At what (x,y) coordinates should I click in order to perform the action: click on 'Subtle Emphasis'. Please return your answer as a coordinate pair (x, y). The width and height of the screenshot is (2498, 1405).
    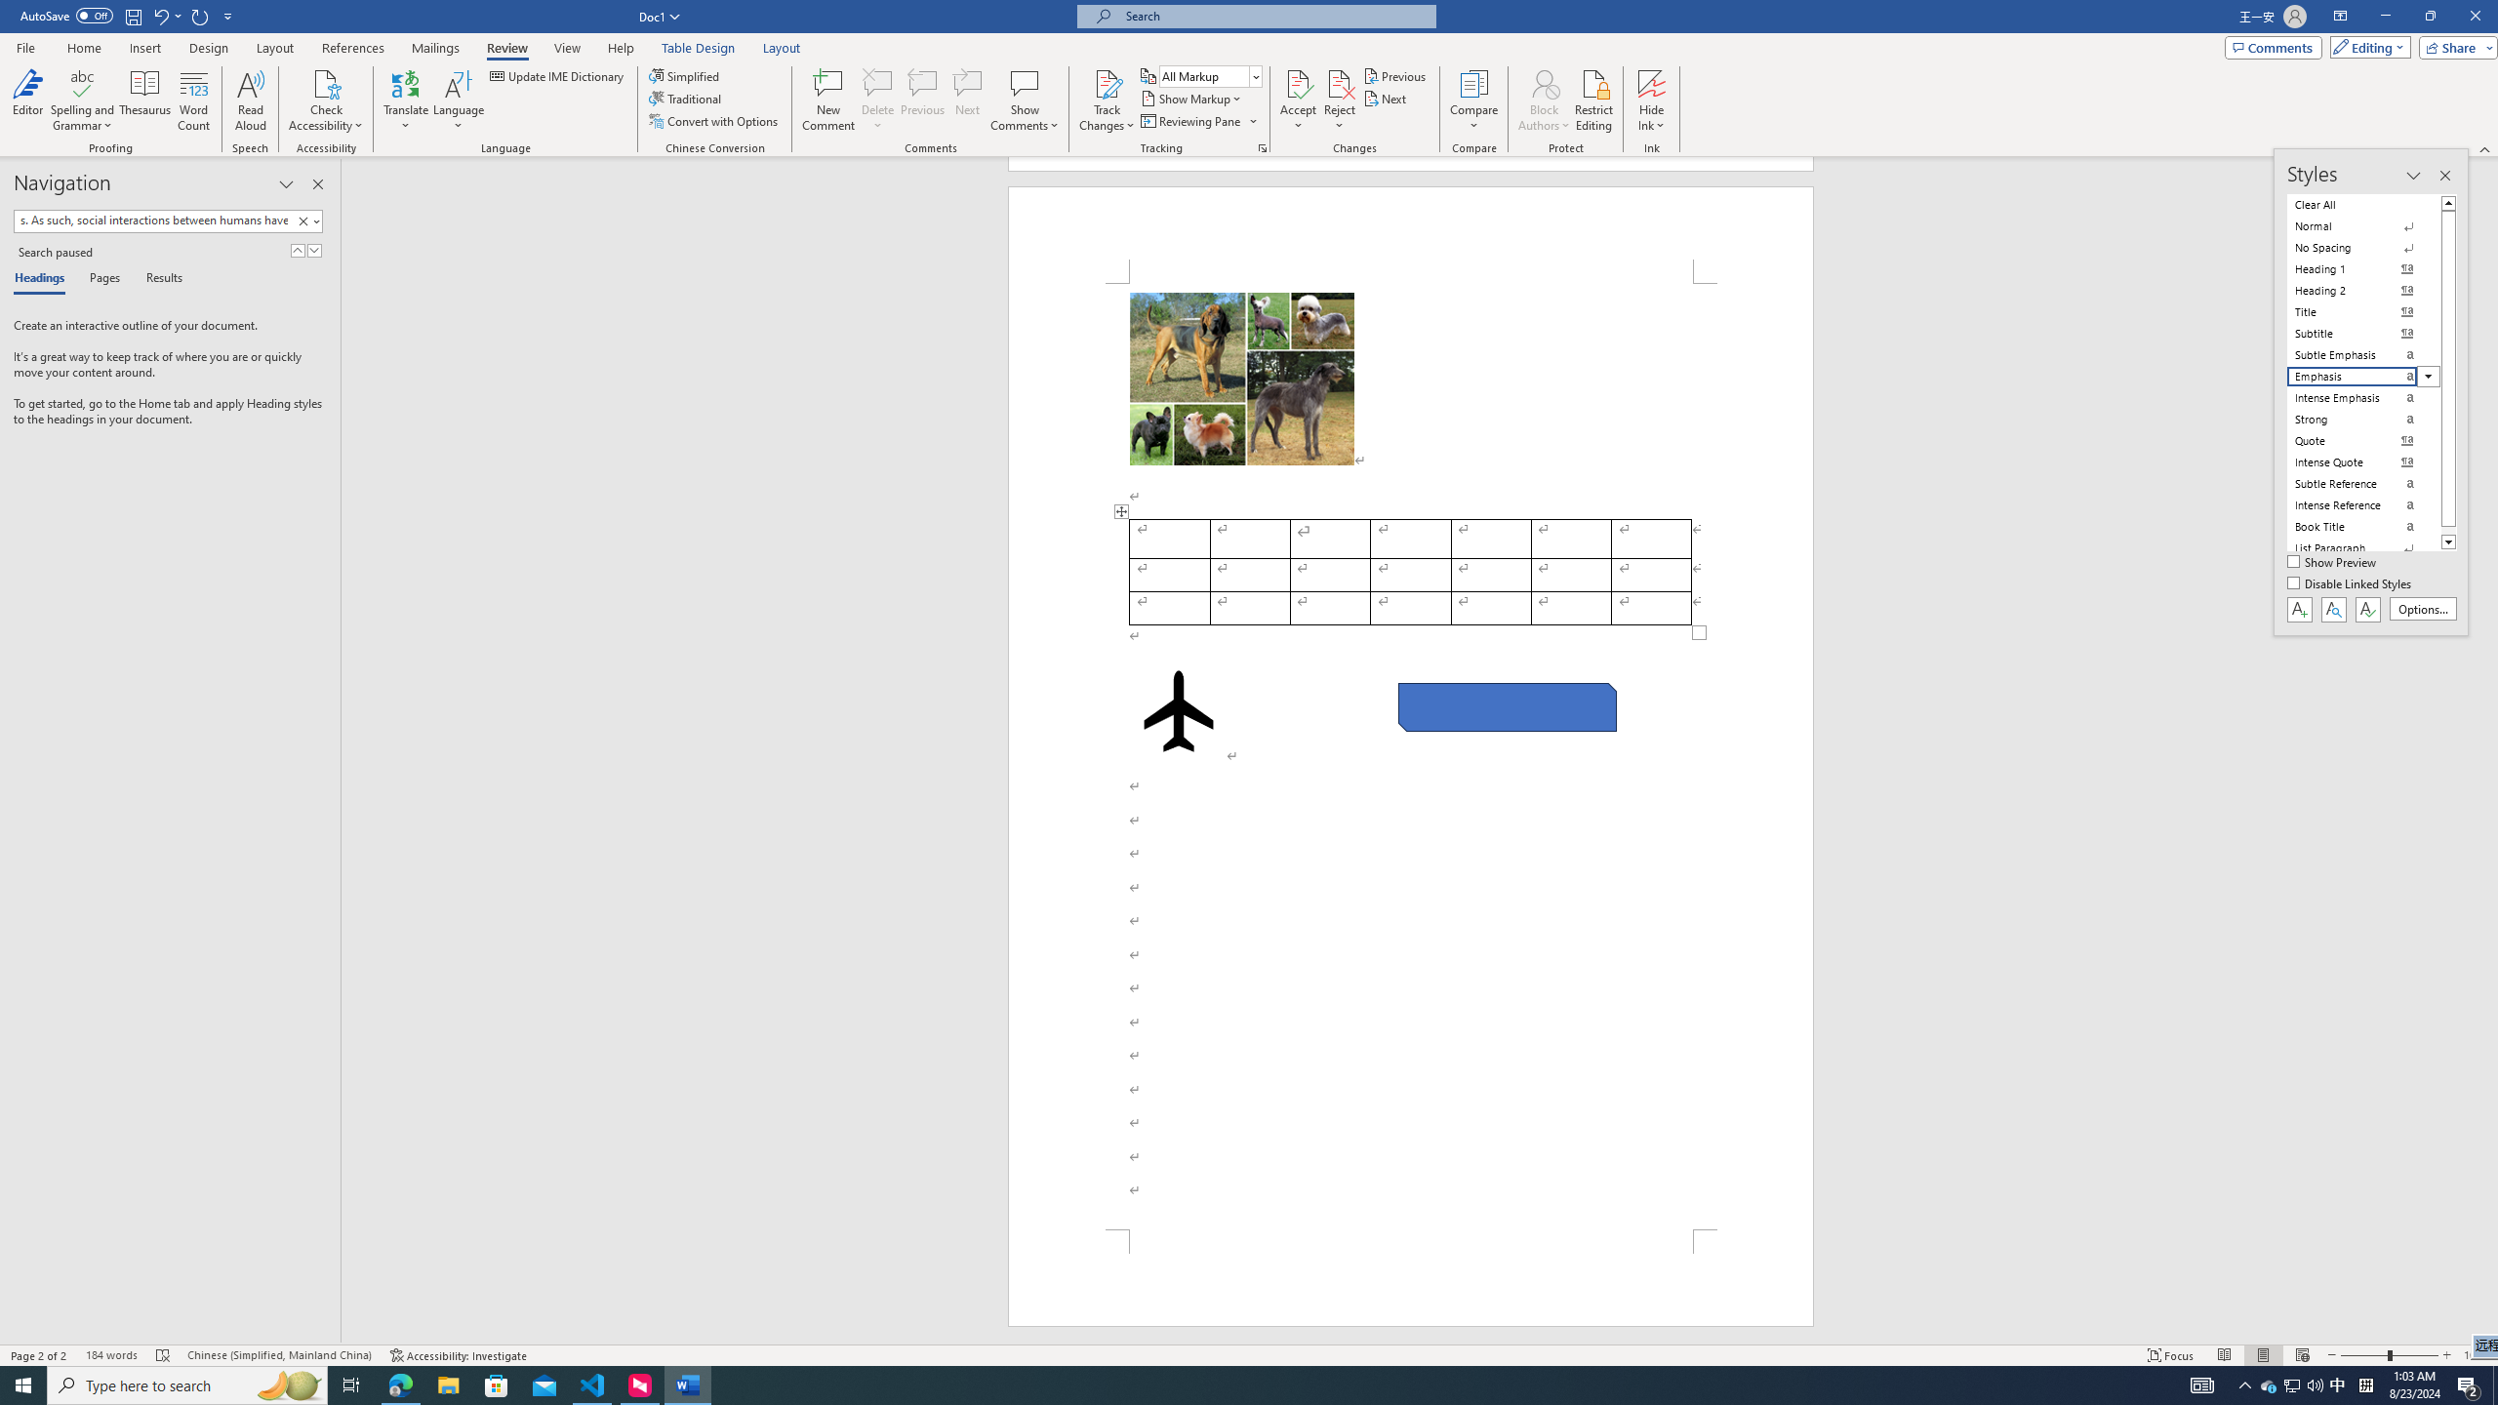
    Looking at the image, I should click on (2363, 354).